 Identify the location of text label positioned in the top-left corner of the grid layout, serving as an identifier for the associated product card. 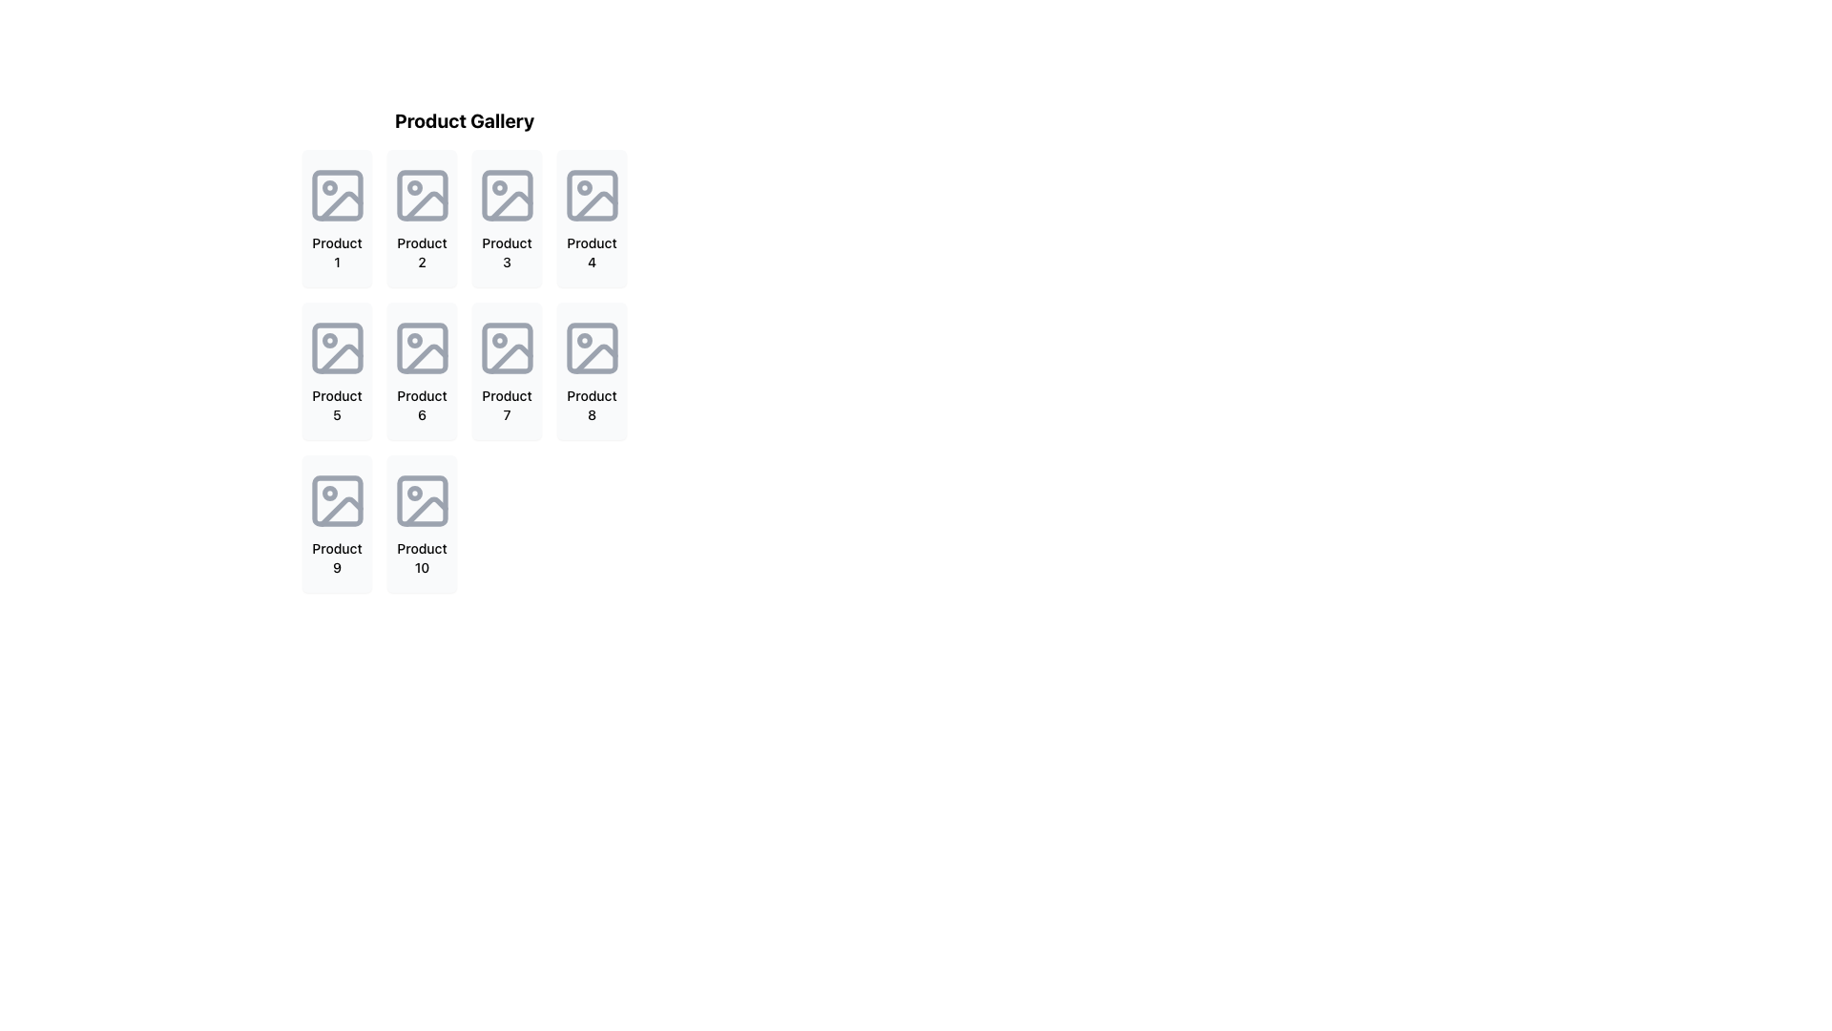
(337, 252).